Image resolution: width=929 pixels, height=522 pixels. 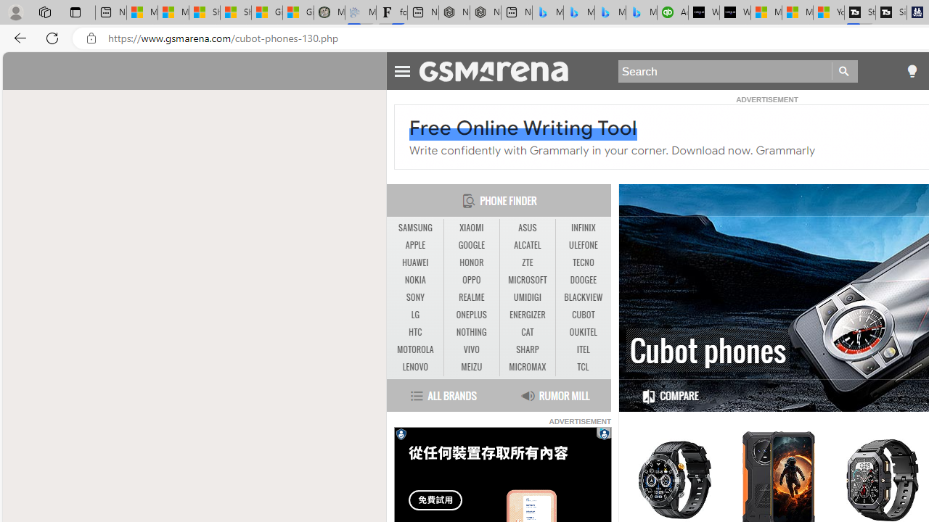 What do you see at coordinates (414, 228) in the screenshot?
I see `'SAMSUNG'` at bounding box center [414, 228].